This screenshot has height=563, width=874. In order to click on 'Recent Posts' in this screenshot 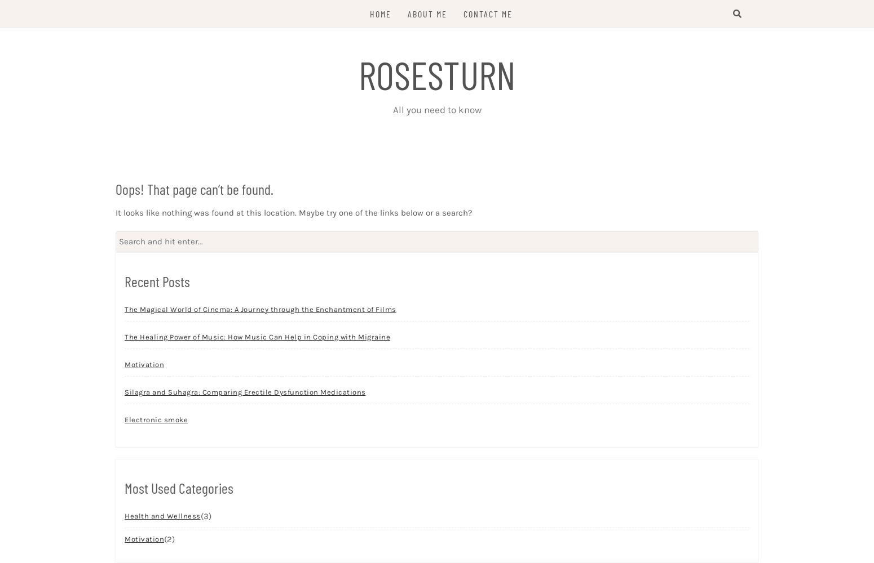, I will do `click(157, 280)`.